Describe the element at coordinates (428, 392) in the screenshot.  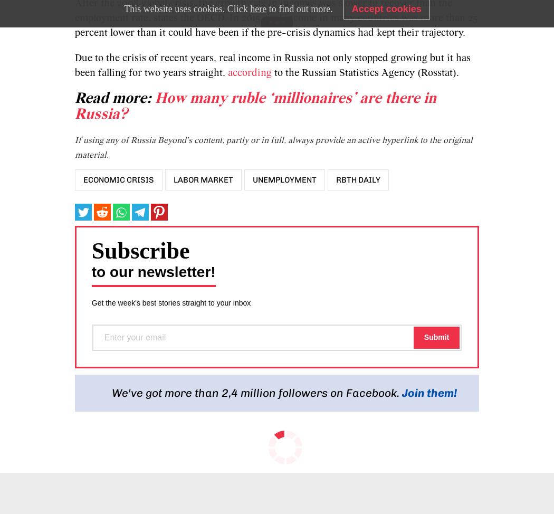
I see `'Join them!'` at that location.